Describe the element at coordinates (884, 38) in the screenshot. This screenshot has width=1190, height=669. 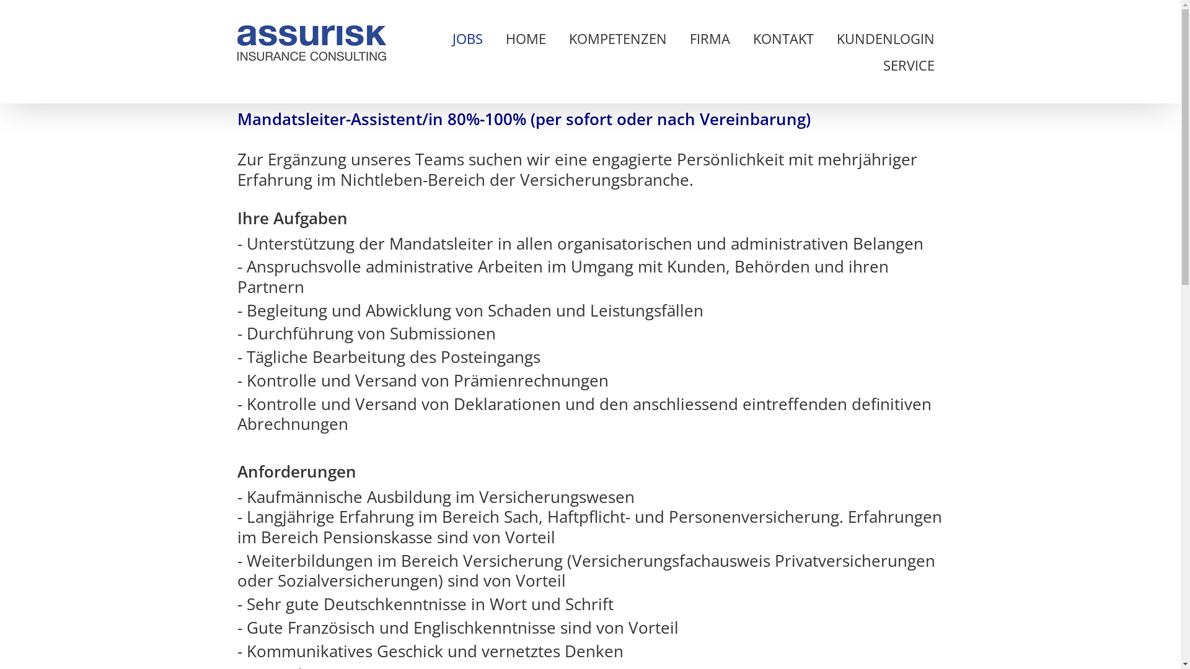
I see `'KUNDENLOGIN'` at that location.